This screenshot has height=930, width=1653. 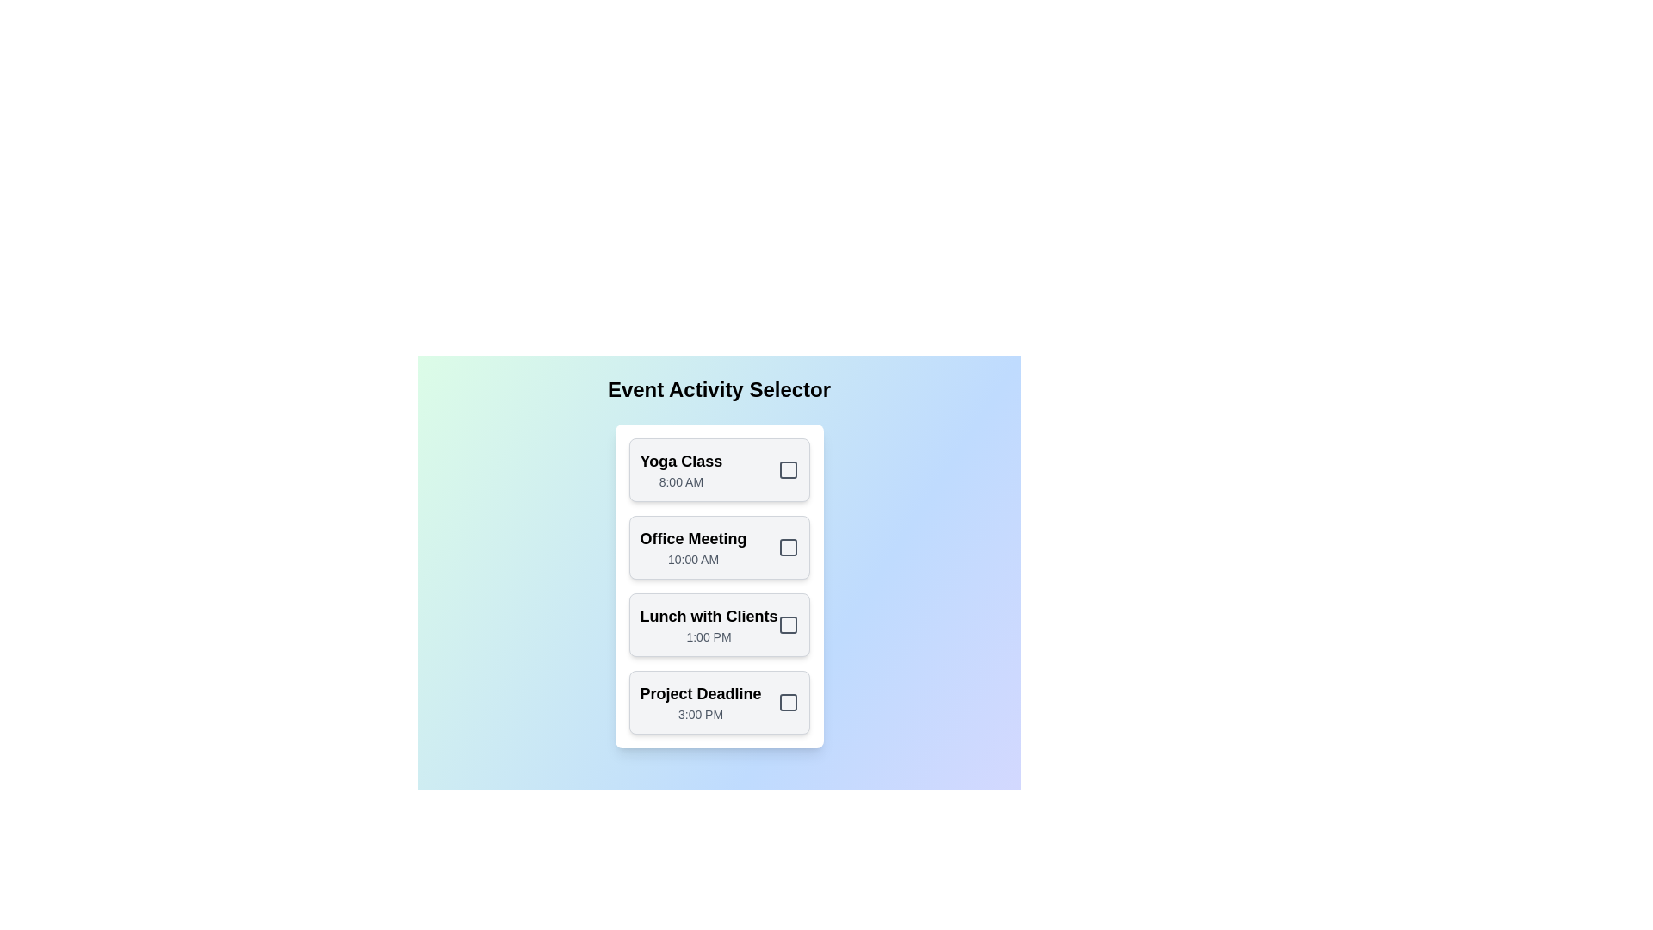 I want to click on the activity card corresponding to Office Meeting to toggle its selection state, so click(x=719, y=548).